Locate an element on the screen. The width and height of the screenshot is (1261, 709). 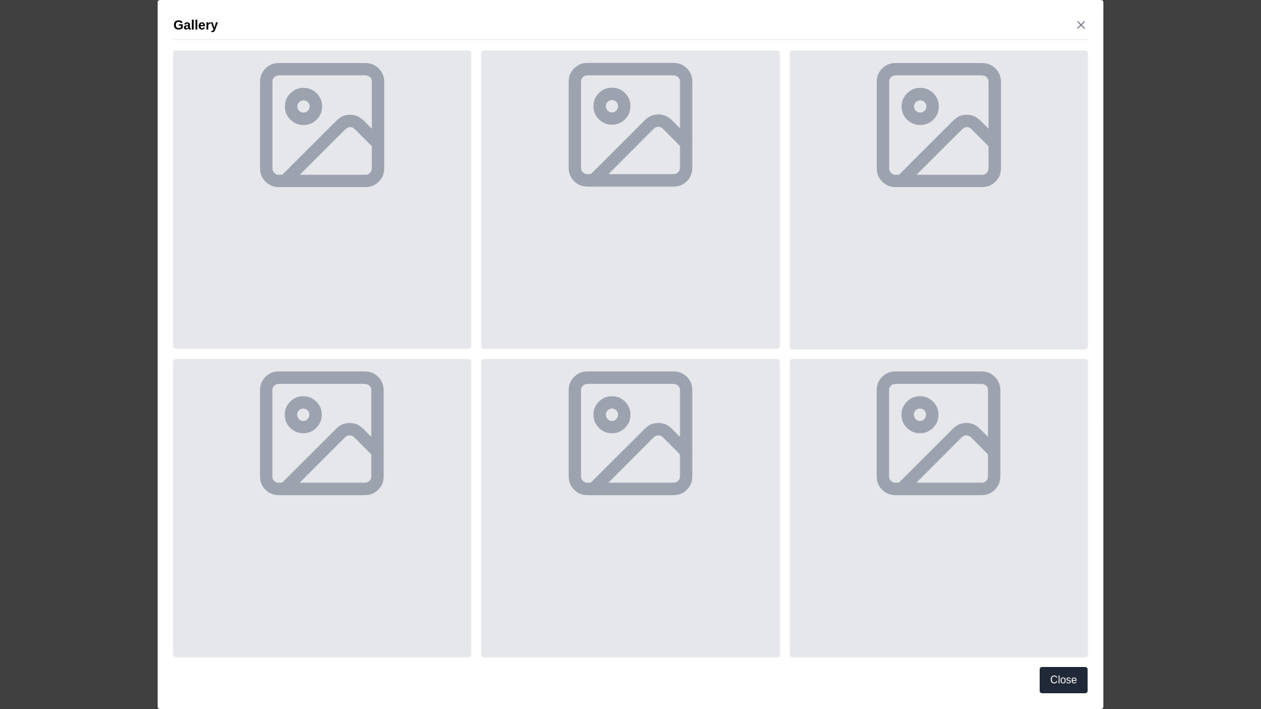
the small rectangle graphic element located in the top-left corner of the image placeholder icon within the first row and first column of the grid layout is located at coordinates (322, 125).